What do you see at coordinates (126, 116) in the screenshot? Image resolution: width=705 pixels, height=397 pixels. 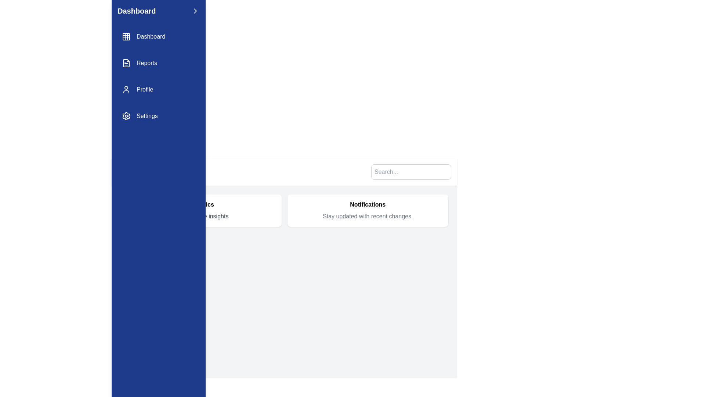 I see `the gear icon located in the left-side navigation menu` at bounding box center [126, 116].